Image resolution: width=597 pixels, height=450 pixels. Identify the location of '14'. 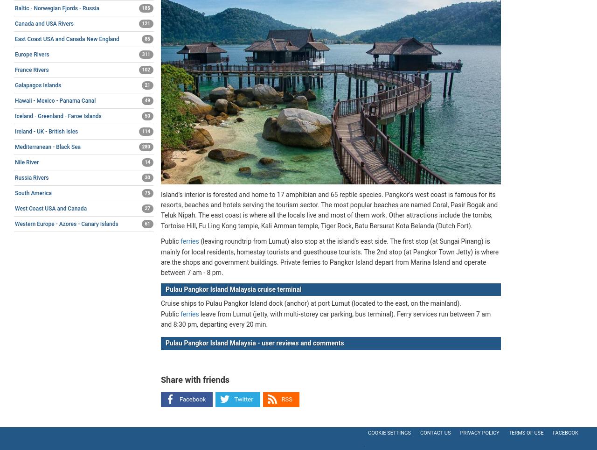
(147, 161).